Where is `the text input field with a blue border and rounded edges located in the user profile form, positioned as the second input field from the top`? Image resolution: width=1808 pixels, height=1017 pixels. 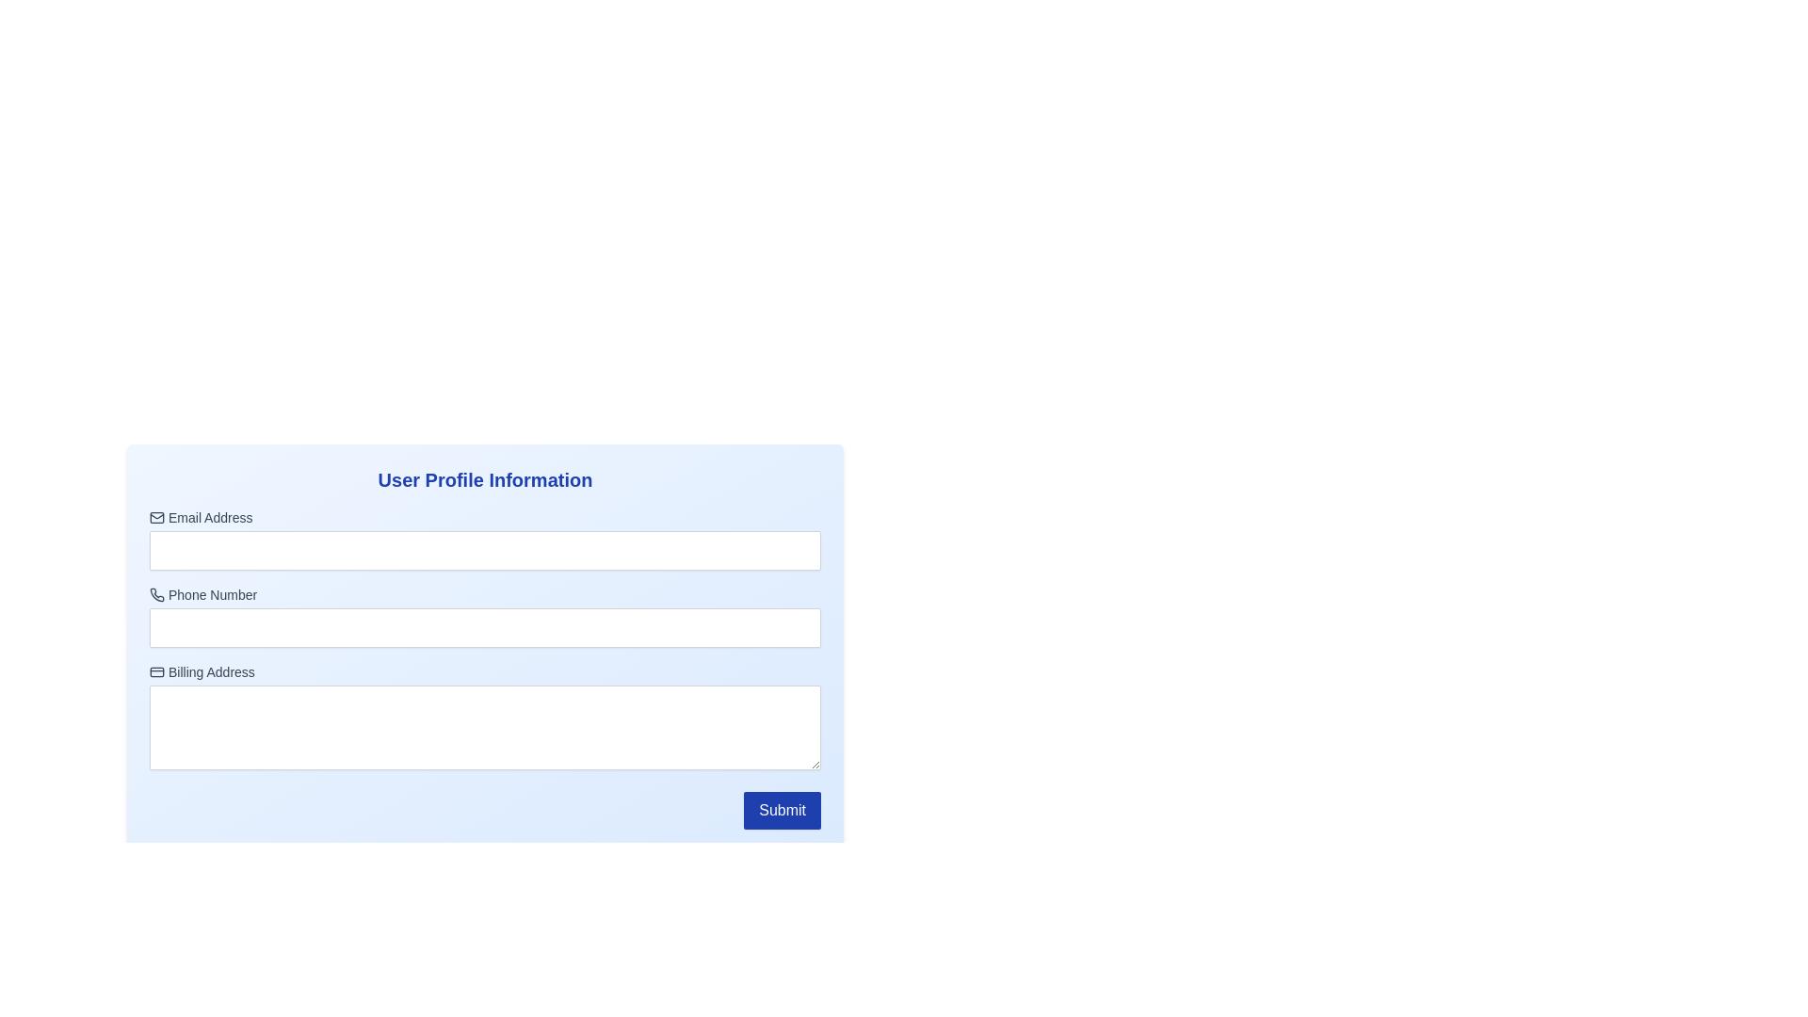
the text input field with a blue border and rounded edges located in the user profile form, positioned as the second input field from the top is located at coordinates (485, 632).